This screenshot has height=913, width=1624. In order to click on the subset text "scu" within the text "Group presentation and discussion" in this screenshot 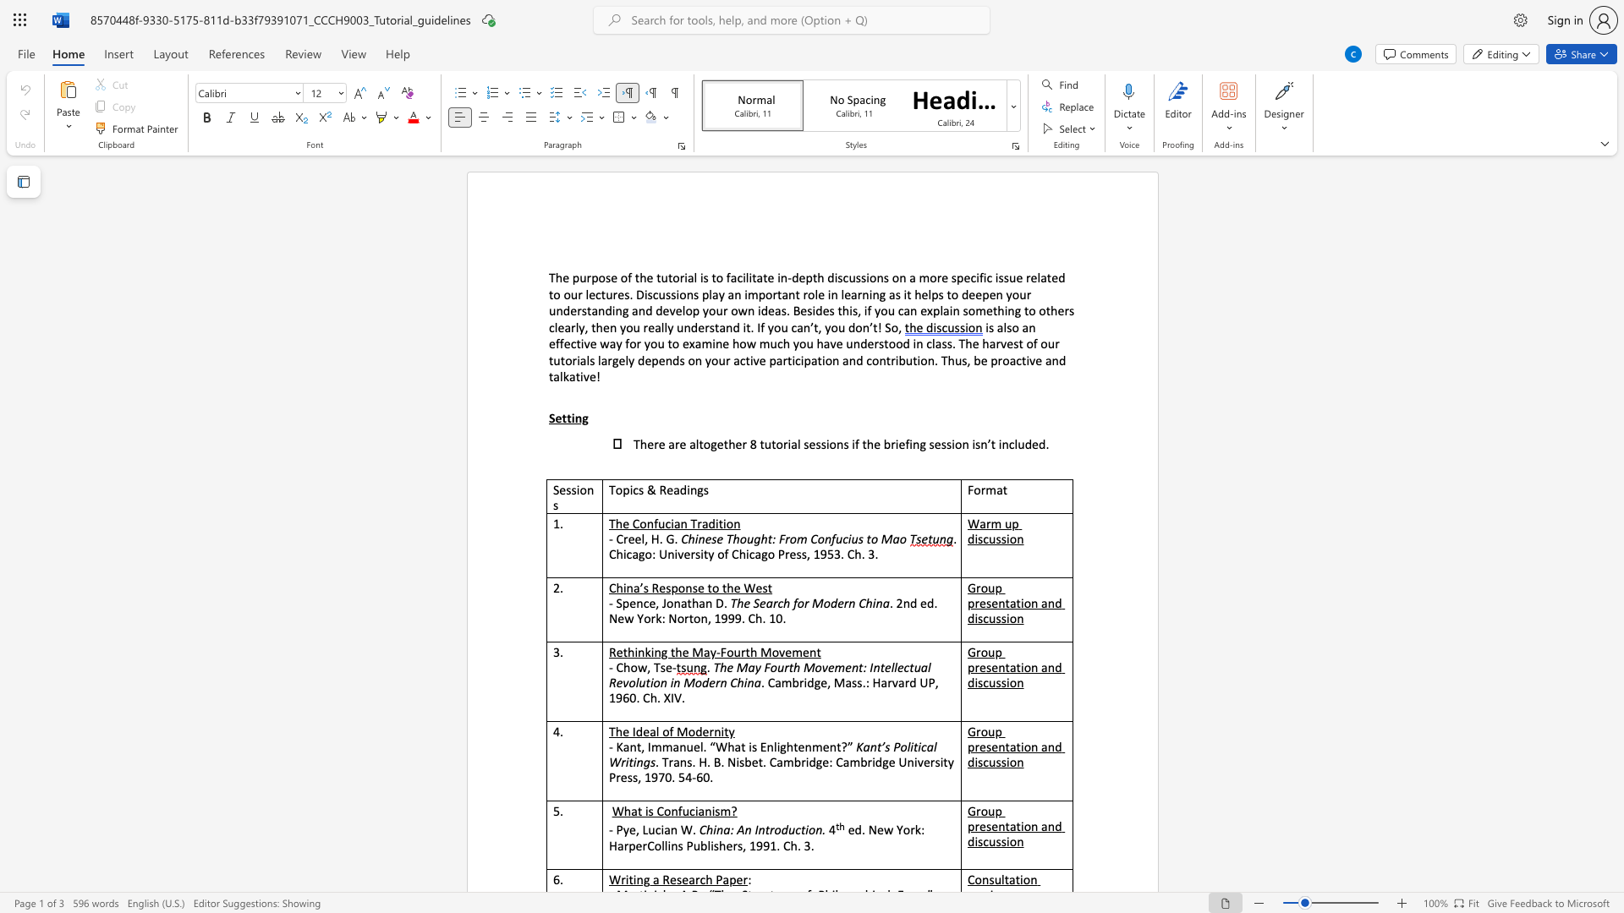, I will do `click(978, 762)`.